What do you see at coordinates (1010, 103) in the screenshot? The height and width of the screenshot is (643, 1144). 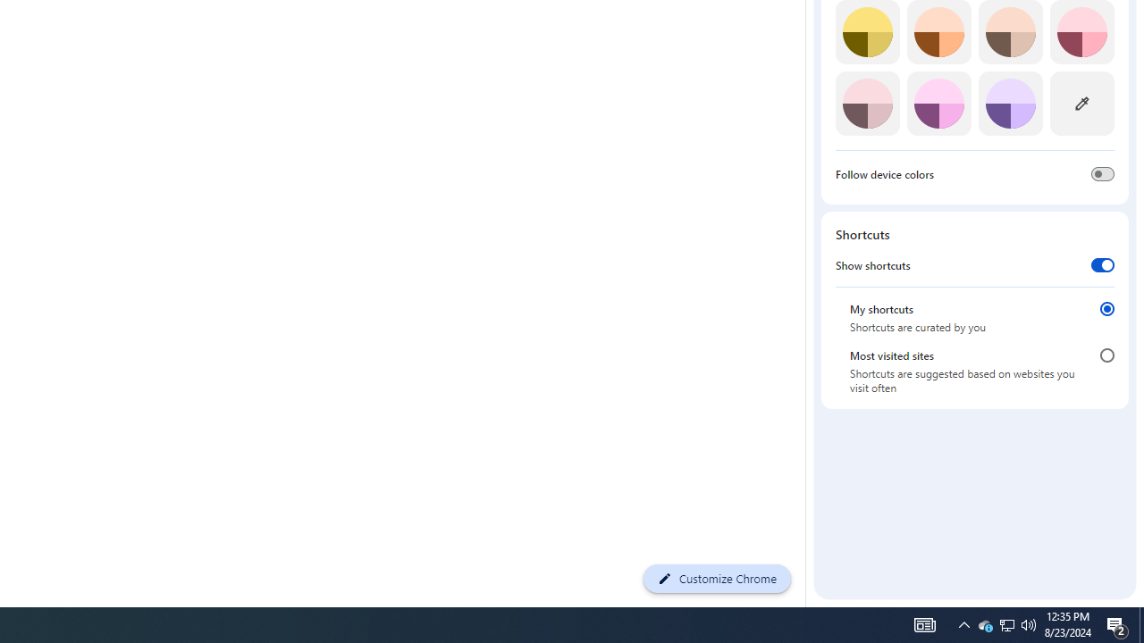 I see `'Violet'` at bounding box center [1010, 103].